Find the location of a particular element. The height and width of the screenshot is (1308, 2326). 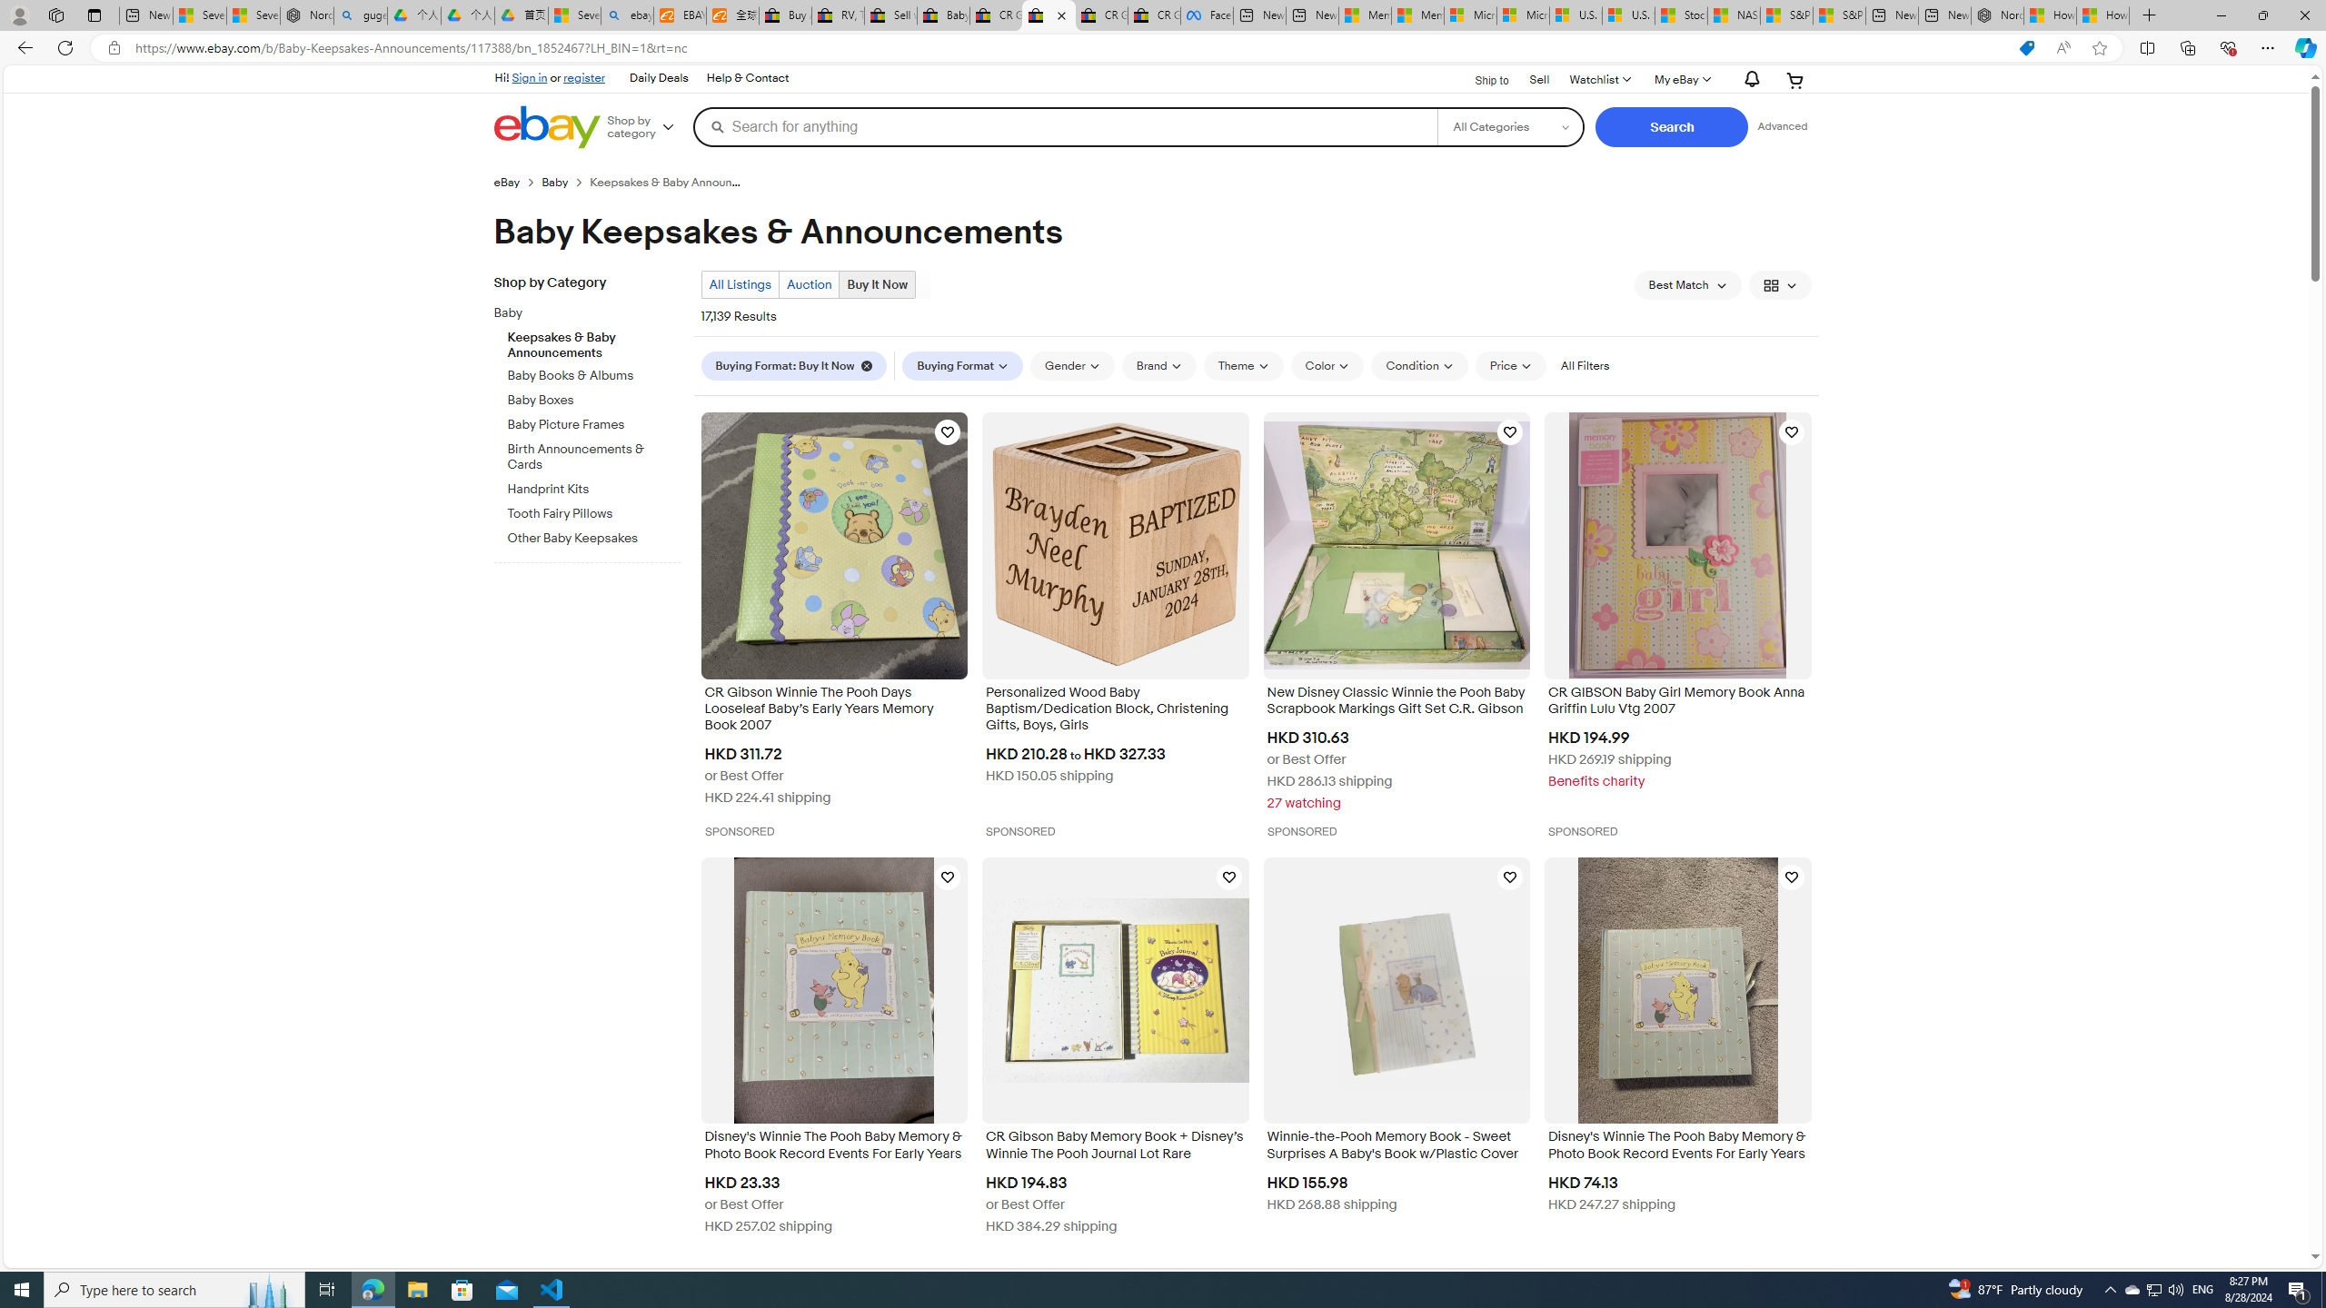

'Daily Deals' is located at coordinates (657, 77).